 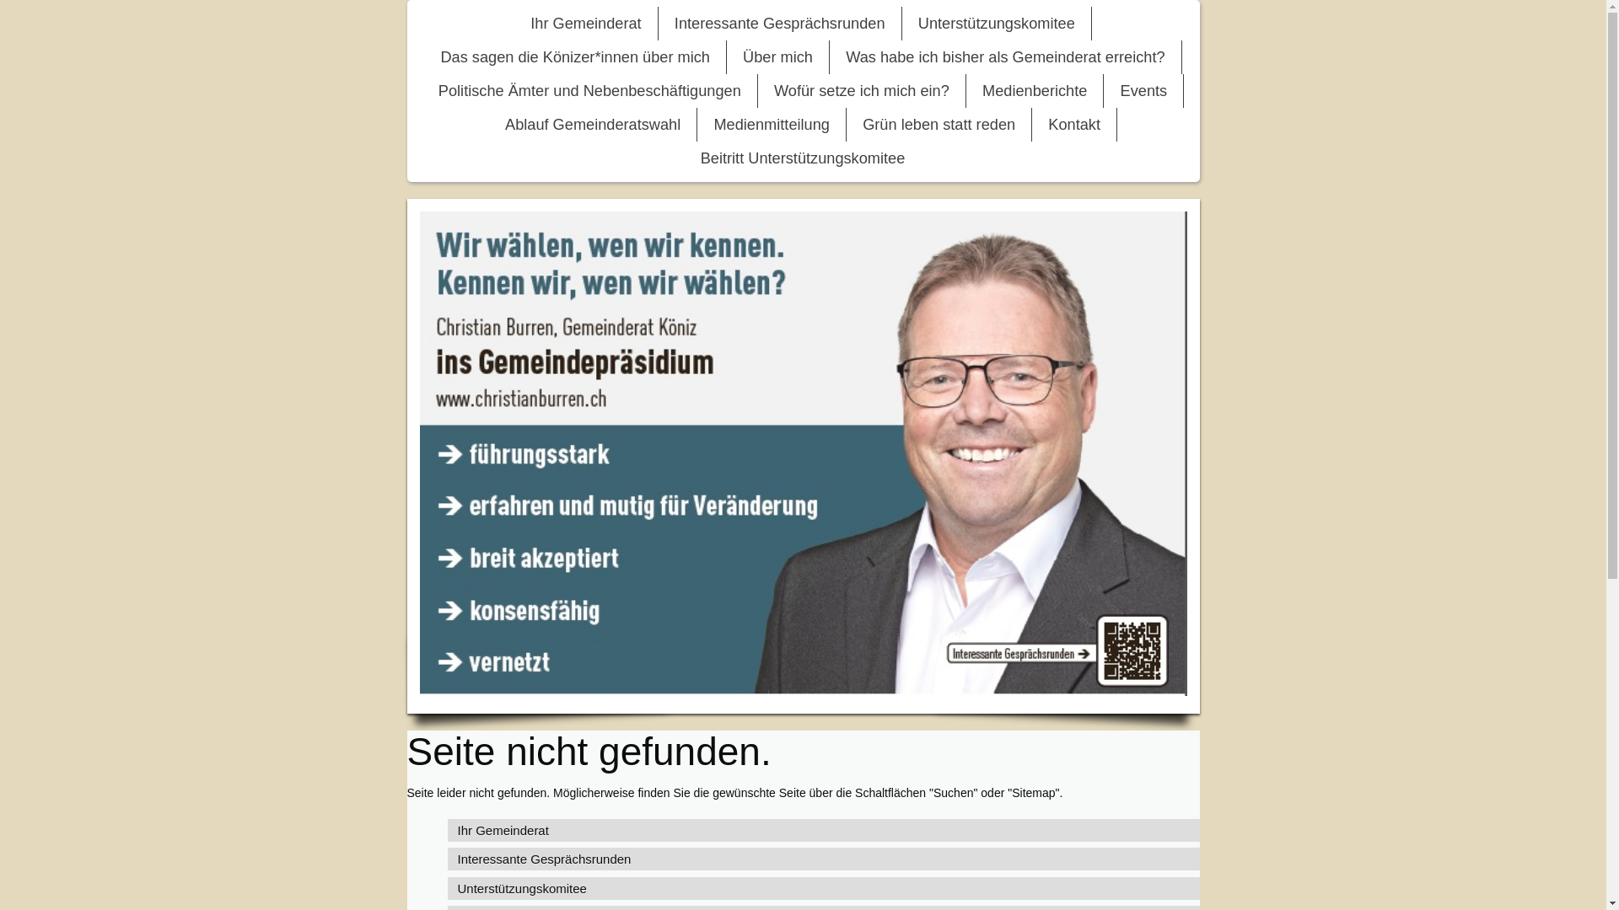 I want to click on 'Medienmitteilung', so click(x=771, y=123).